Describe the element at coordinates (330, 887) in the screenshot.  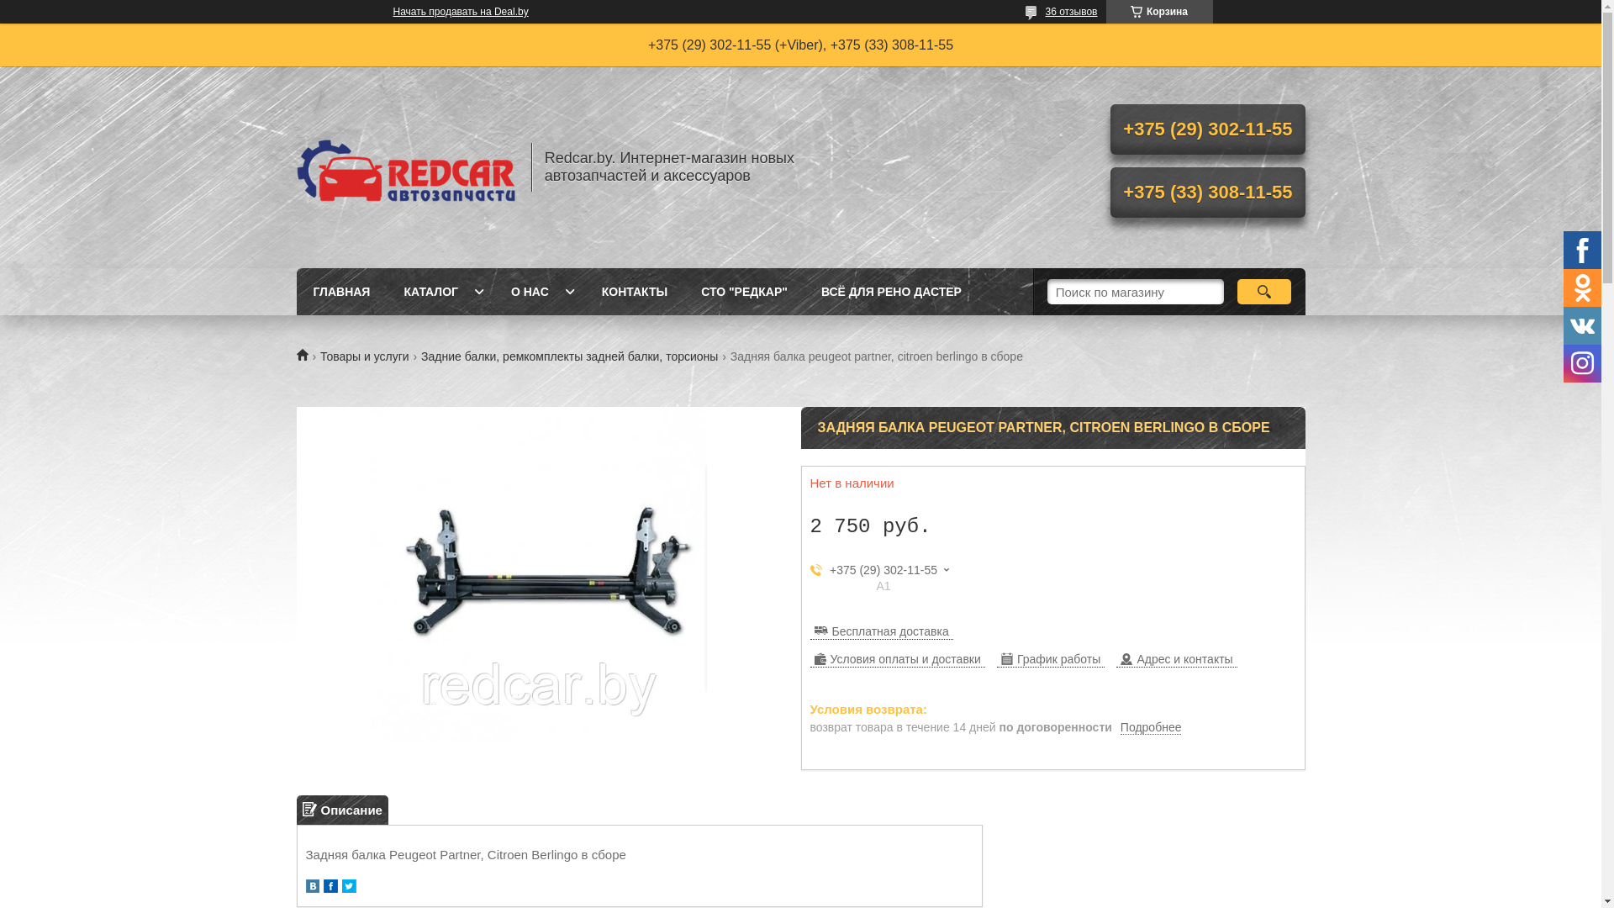
I see `'facebook'` at that location.